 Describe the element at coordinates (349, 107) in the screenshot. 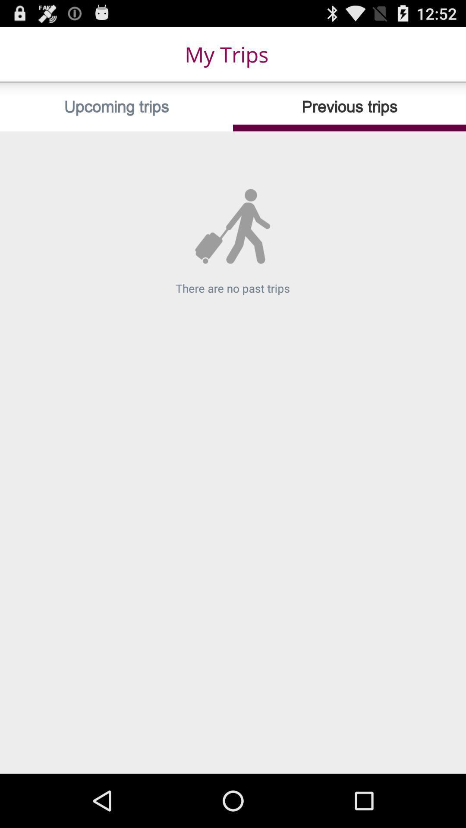

I see `the previous trips item` at that location.